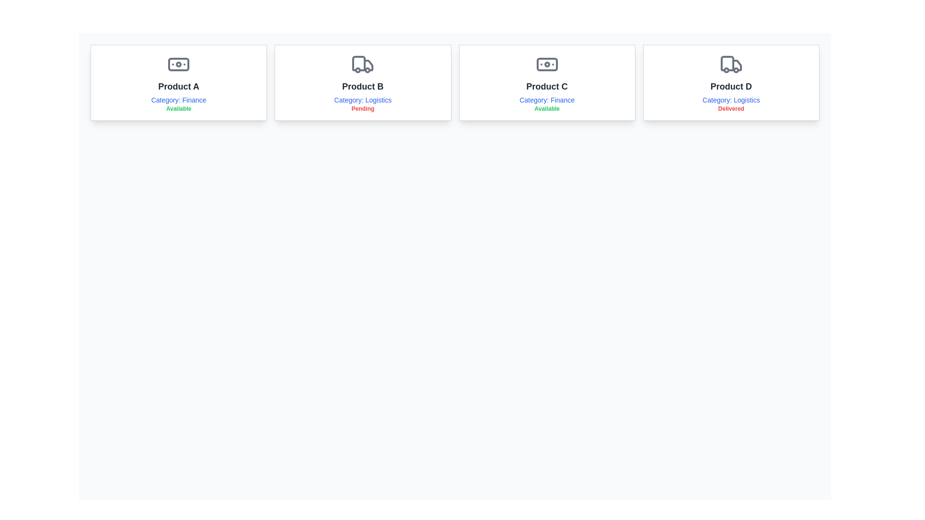 This screenshot has height=520, width=925. What do you see at coordinates (736, 65) in the screenshot?
I see `the non-interactive graphical component representing the rear section of the truck icon for 'Product D', located at the top-right of the truck shape` at bounding box center [736, 65].